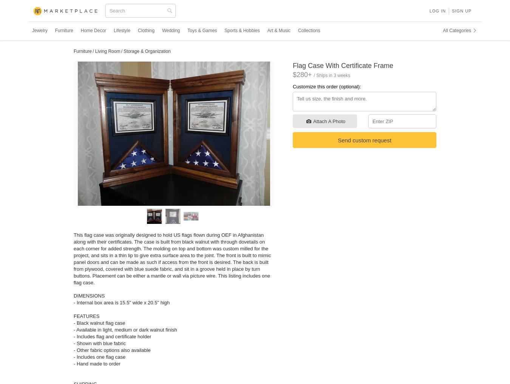 This screenshot has width=510, height=384. I want to click on '- Shown with blue fabric', so click(99, 343).